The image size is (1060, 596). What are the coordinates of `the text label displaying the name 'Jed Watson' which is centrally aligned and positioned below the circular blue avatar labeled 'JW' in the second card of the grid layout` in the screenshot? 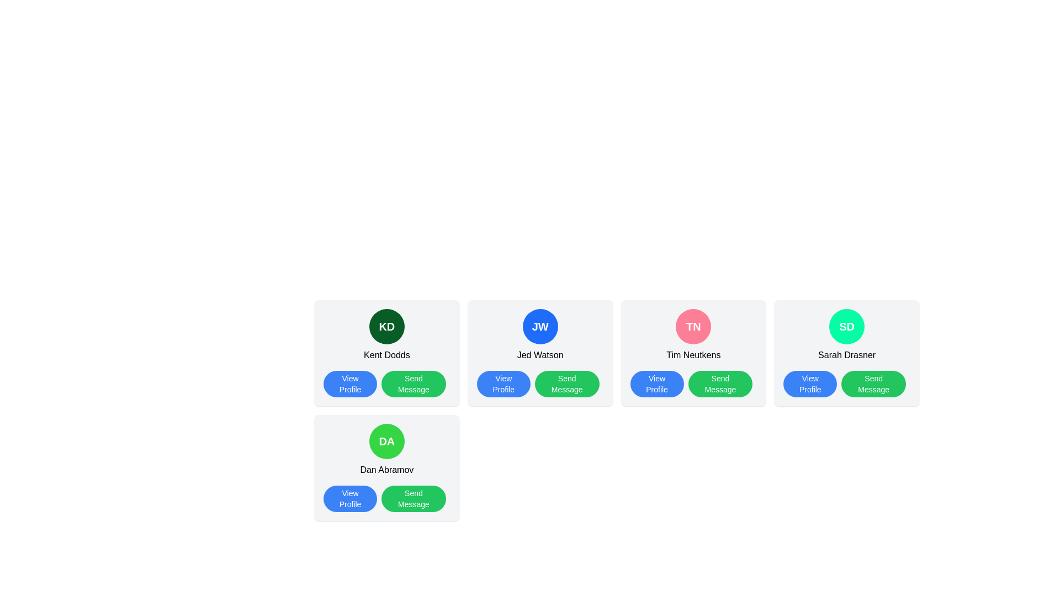 It's located at (540, 355).